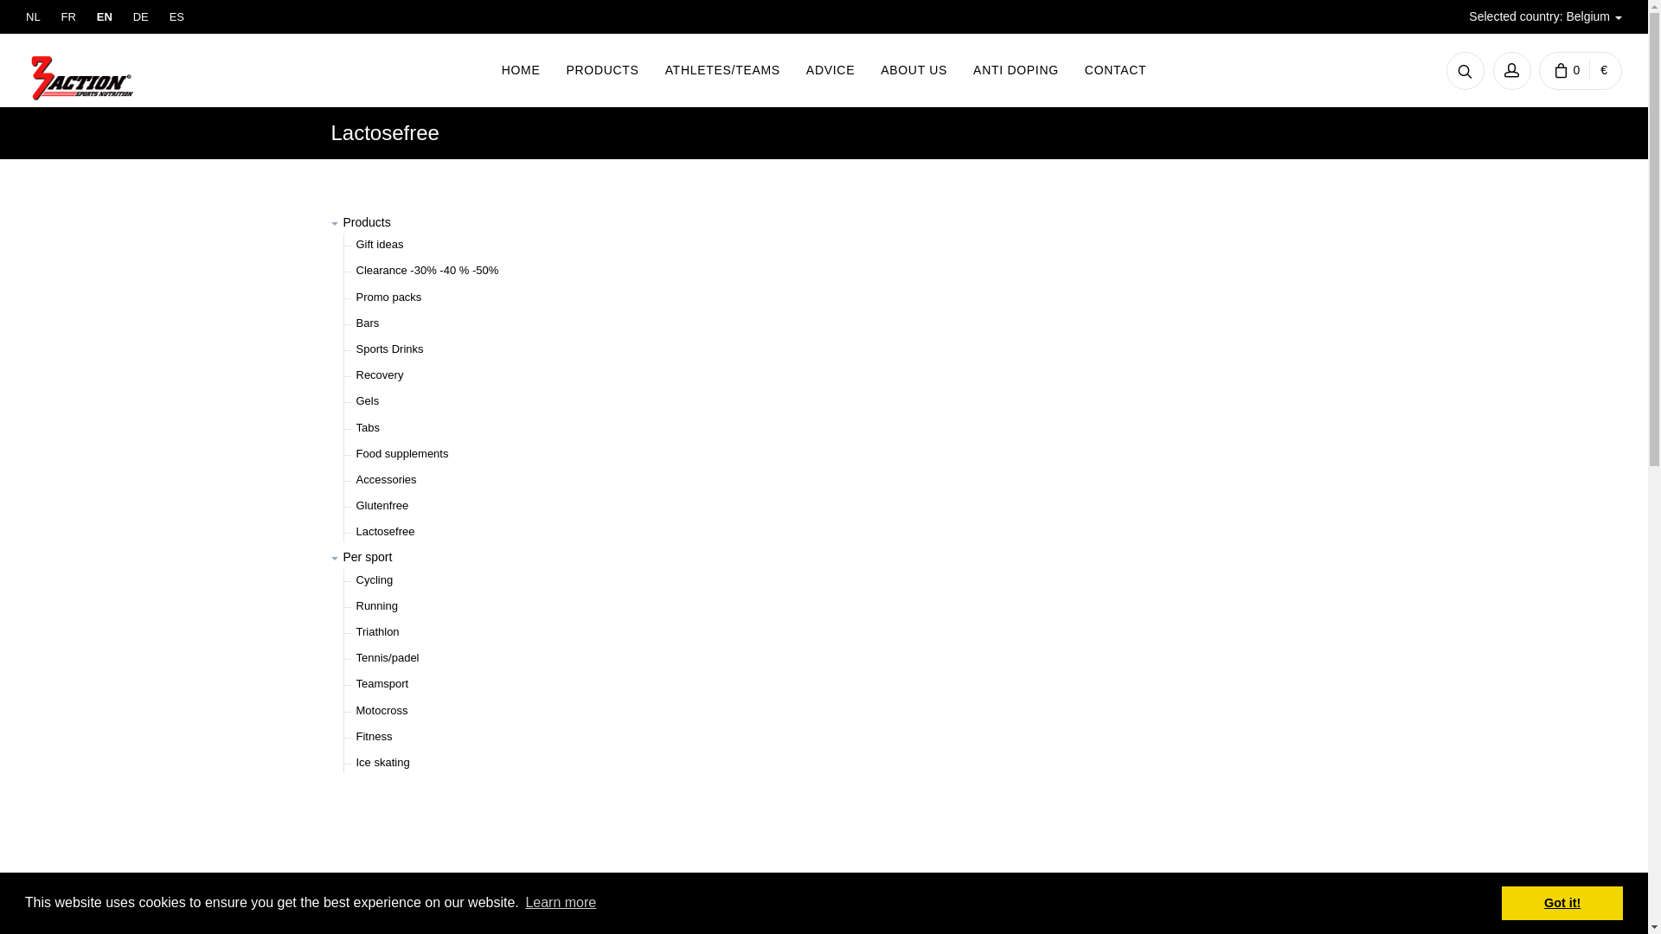  Describe the element at coordinates (103, 16) in the screenshot. I see `'EN'` at that location.